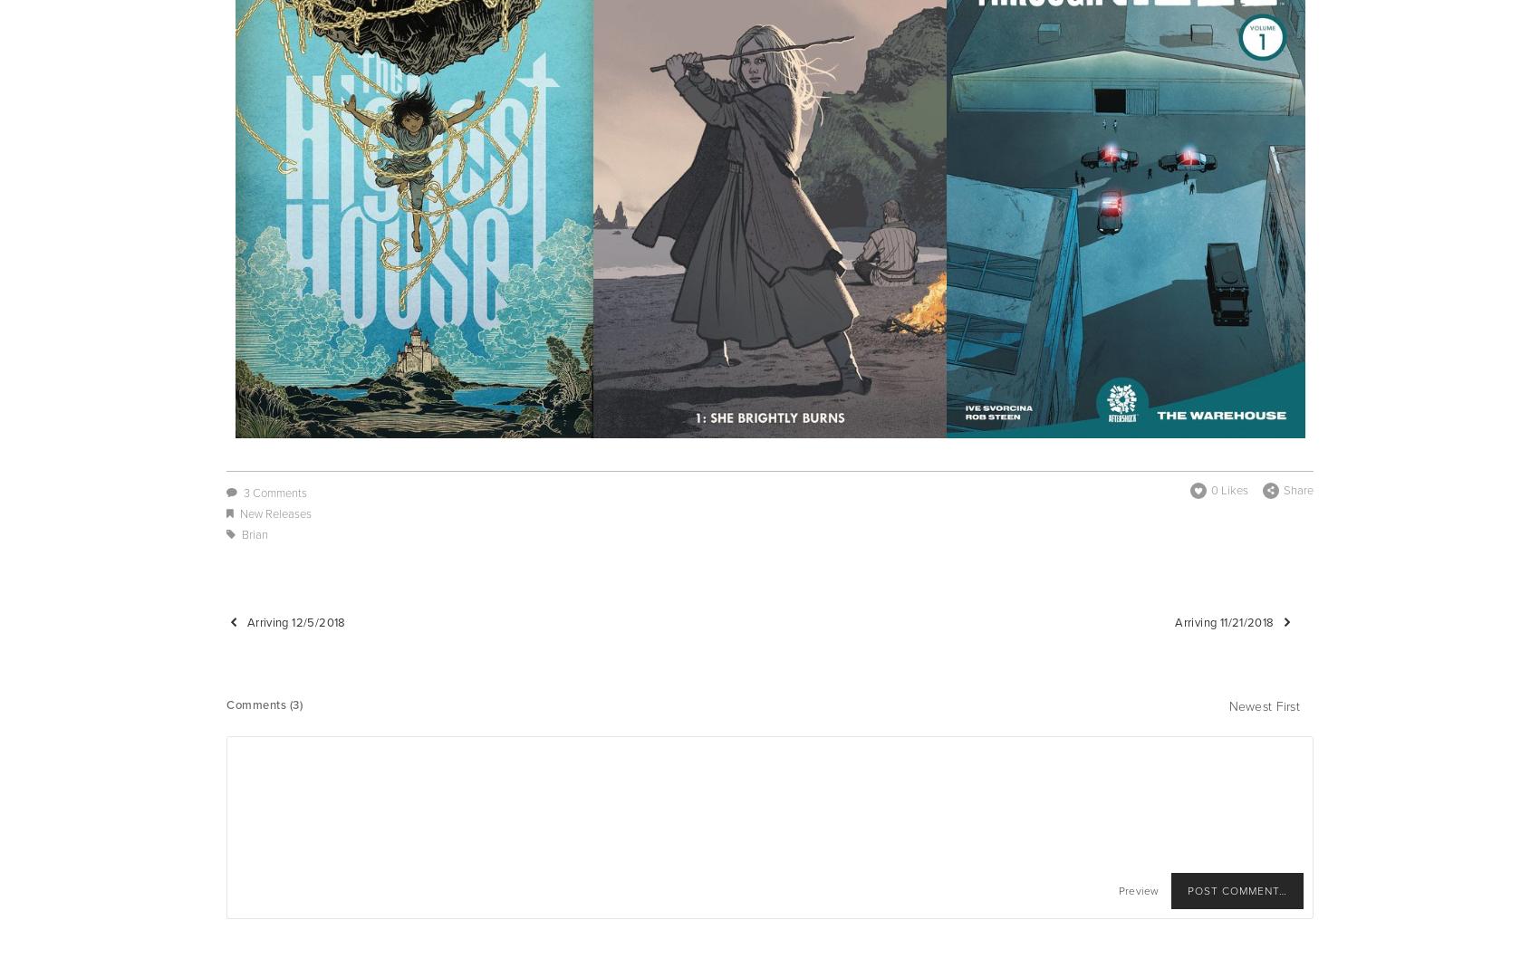  Describe the element at coordinates (1224, 620) in the screenshot. I see `'Arriving 11/21/2018'` at that location.